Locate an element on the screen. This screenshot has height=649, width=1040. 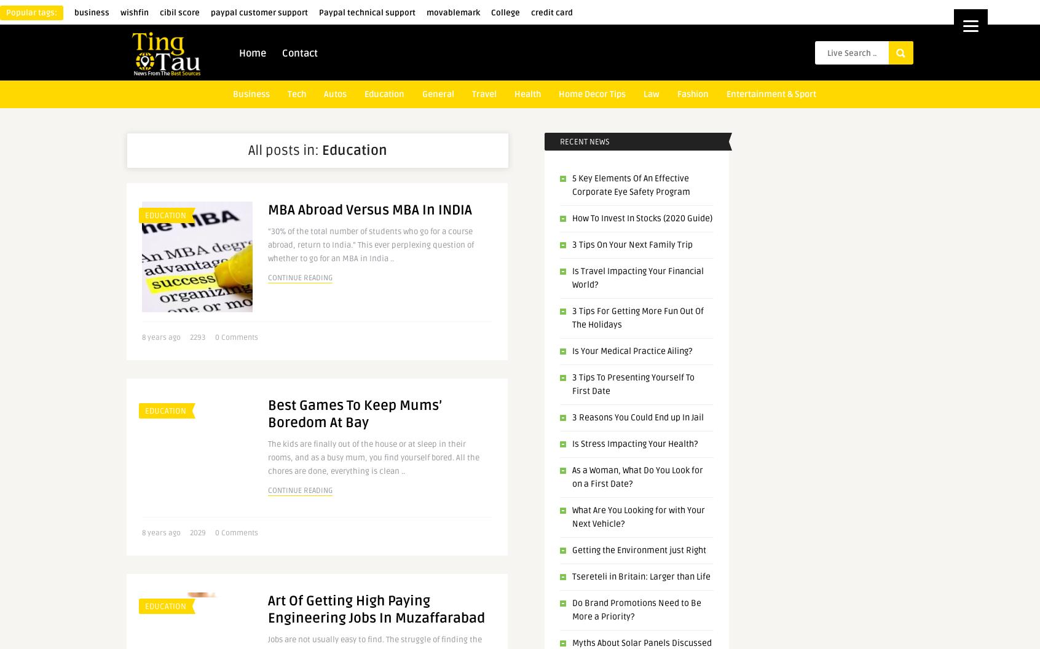
'How To Invest In Stocks (2020 Guide)' is located at coordinates (641, 218).